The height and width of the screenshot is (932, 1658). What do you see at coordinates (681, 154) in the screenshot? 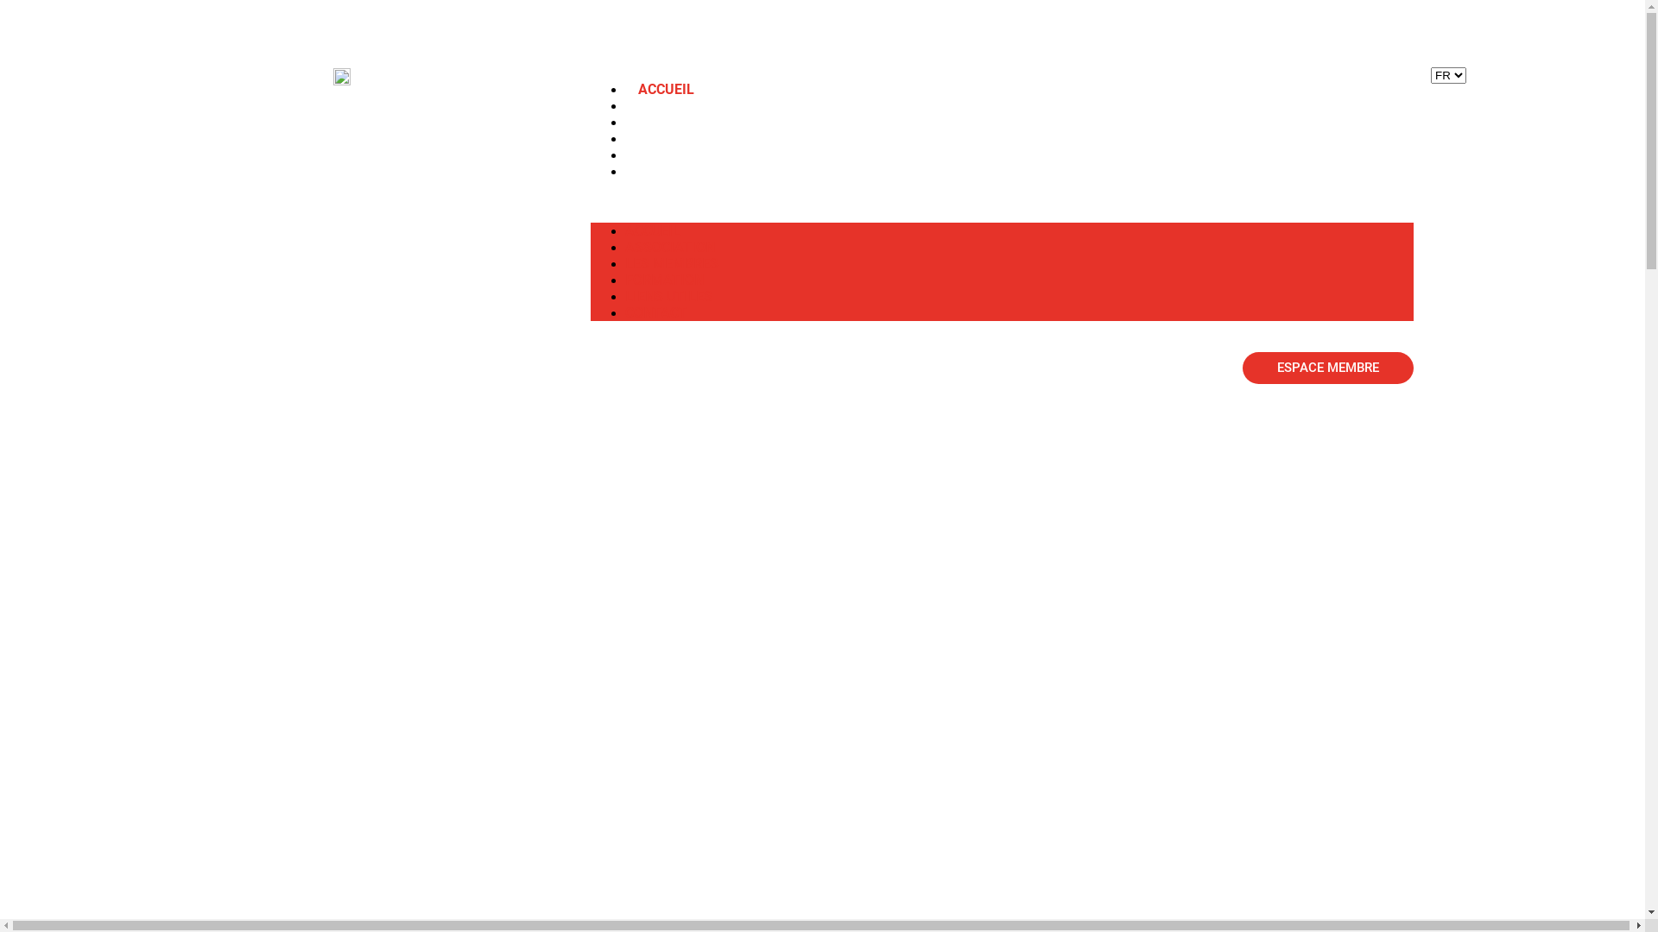
I see `'LIENS UTILES'` at bounding box center [681, 154].